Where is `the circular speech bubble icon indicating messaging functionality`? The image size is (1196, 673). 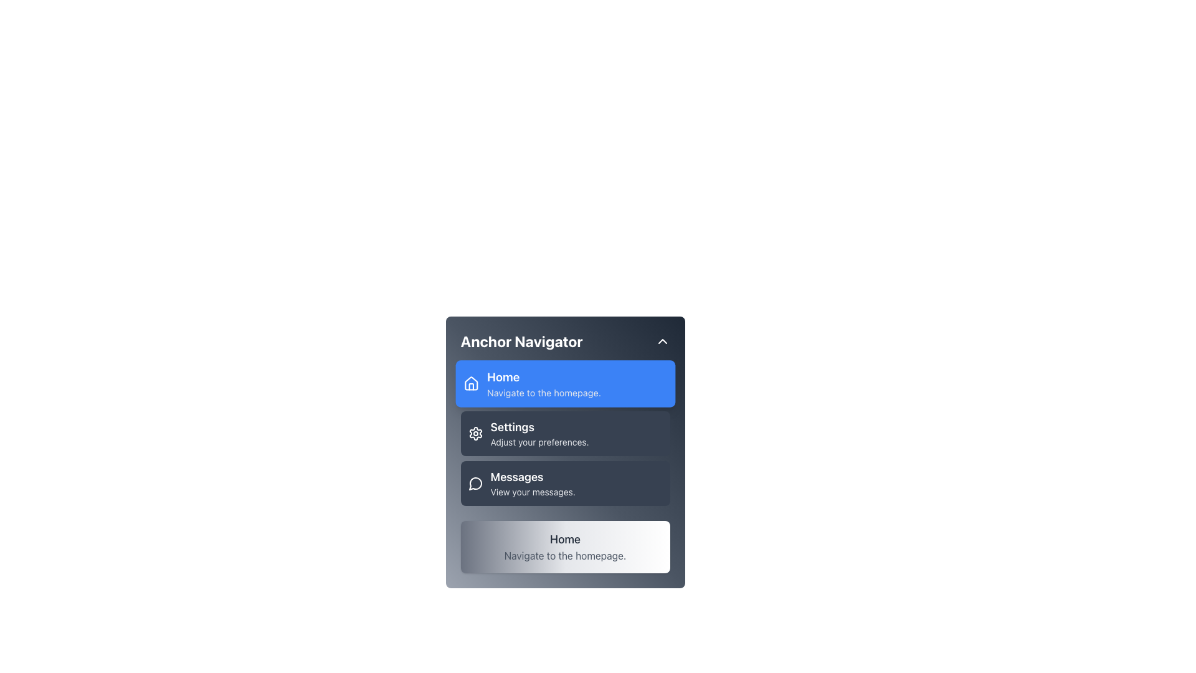 the circular speech bubble icon indicating messaging functionality is located at coordinates (475, 482).